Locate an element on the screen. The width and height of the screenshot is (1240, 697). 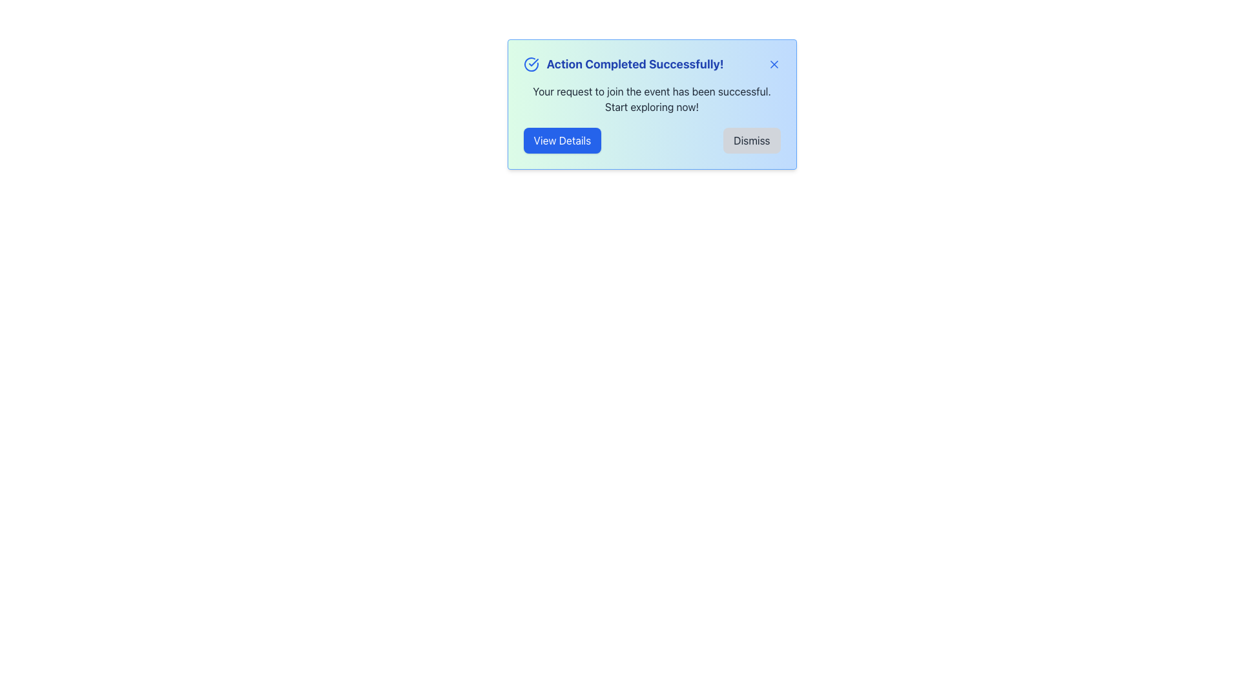
text displayed in the Notification Header, which informs the user of a successful action is located at coordinates (652, 65).